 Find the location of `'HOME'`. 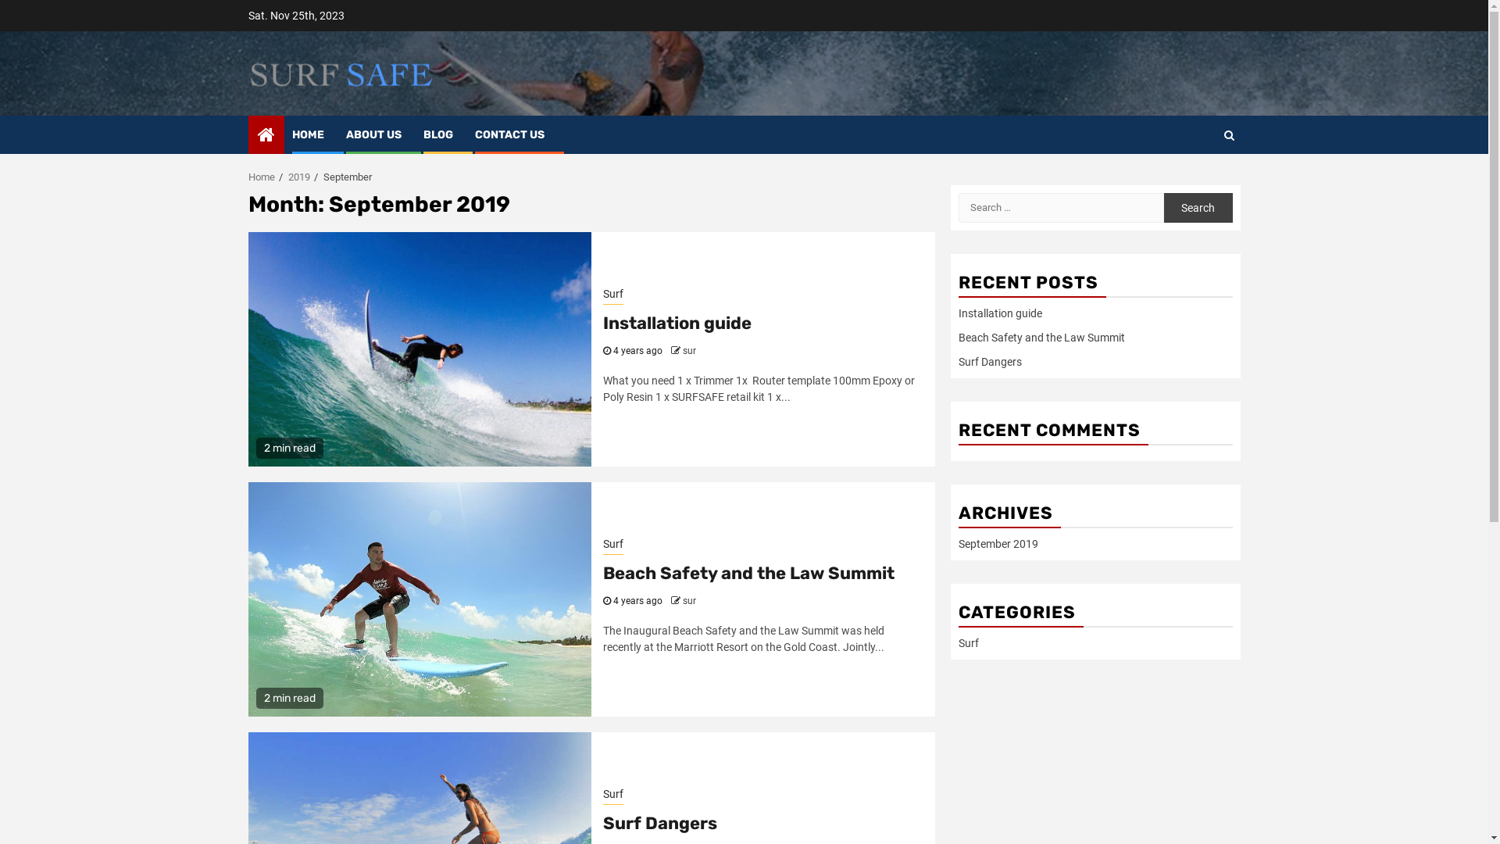

'HOME' is located at coordinates (292, 134).